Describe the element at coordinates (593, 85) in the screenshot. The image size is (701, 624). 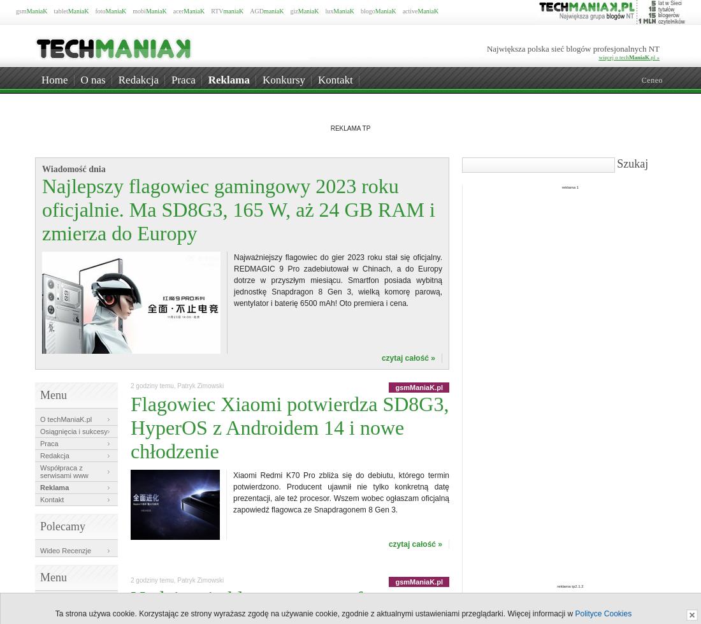
I see `'Mobilna Pasja'` at that location.